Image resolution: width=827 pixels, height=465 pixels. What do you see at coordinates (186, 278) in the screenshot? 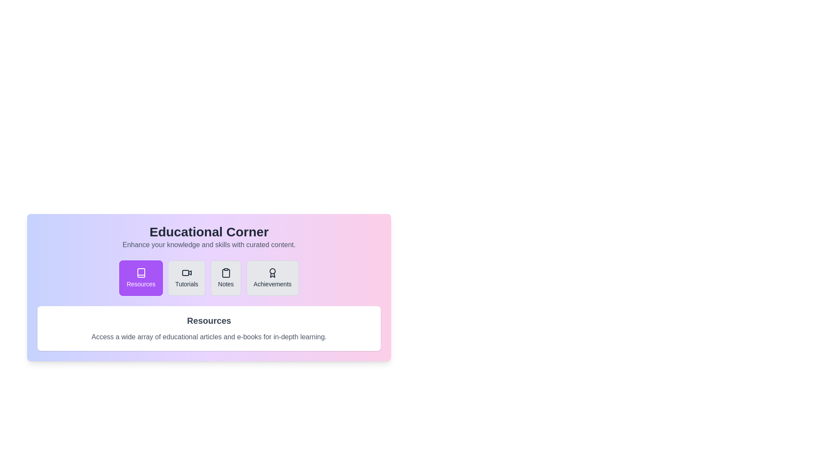
I see `the Tutorials tab to view its educational content` at bounding box center [186, 278].